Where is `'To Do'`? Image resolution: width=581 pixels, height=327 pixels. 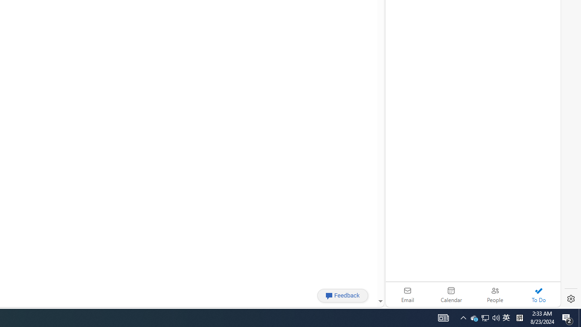
'To Do' is located at coordinates (538, 294).